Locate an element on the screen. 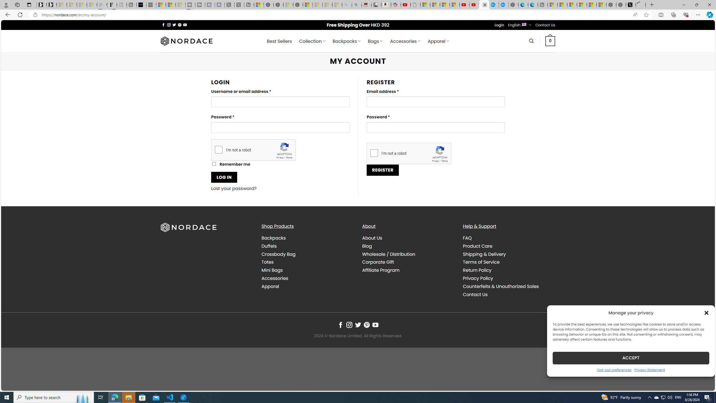  'Privacy Statement' is located at coordinates (650, 369).